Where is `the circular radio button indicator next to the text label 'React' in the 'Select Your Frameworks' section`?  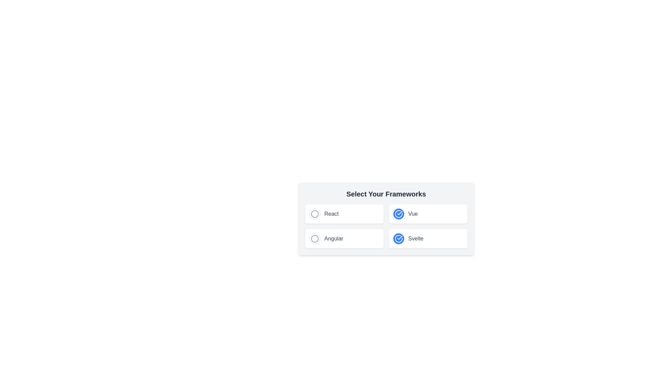
the circular radio button indicator next to the text label 'React' in the 'Select Your Frameworks' section is located at coordinates (314, 214).